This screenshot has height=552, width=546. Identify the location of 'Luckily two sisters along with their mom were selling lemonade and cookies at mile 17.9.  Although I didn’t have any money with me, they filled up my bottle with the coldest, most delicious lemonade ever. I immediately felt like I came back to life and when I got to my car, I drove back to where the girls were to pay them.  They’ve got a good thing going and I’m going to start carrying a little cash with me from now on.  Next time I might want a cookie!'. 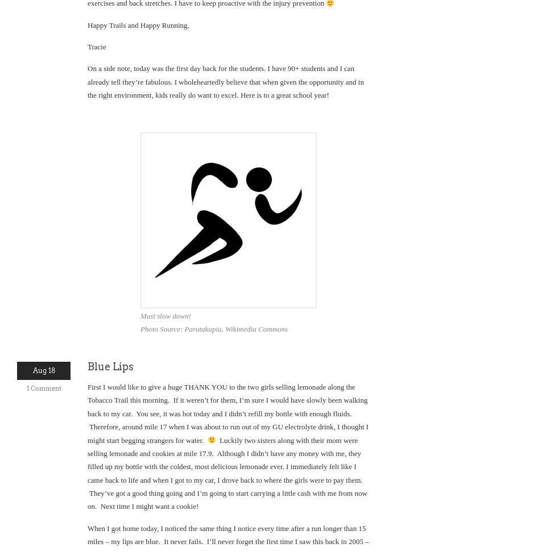
(86, 472).